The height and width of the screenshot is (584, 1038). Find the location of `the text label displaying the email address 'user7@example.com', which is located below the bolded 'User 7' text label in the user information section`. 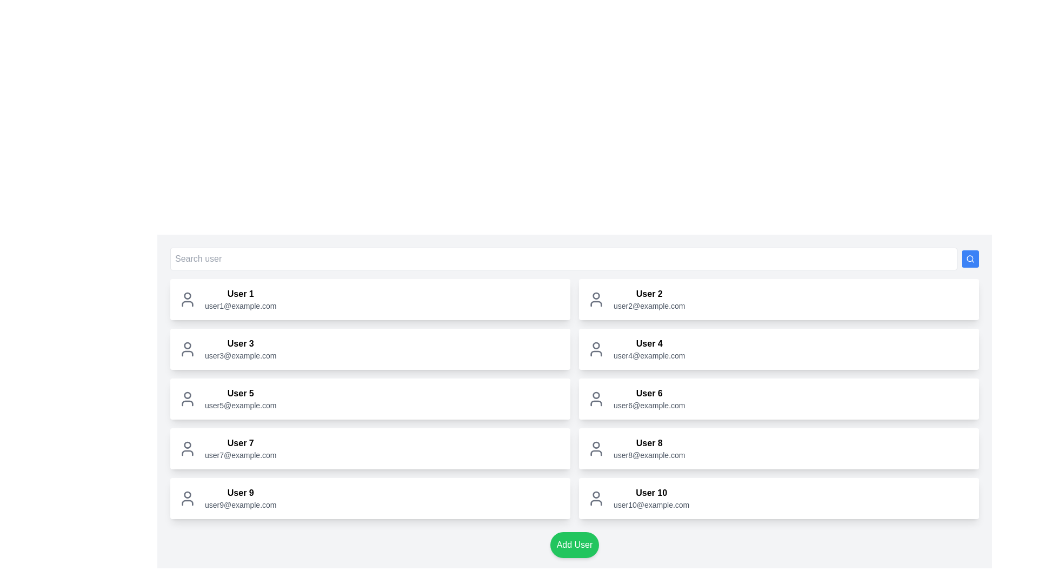

the text label displaying the email address 'user7@example.com', which is located below the bolded 'User 7' text label in the user information section is located at coordinates (240, 455).